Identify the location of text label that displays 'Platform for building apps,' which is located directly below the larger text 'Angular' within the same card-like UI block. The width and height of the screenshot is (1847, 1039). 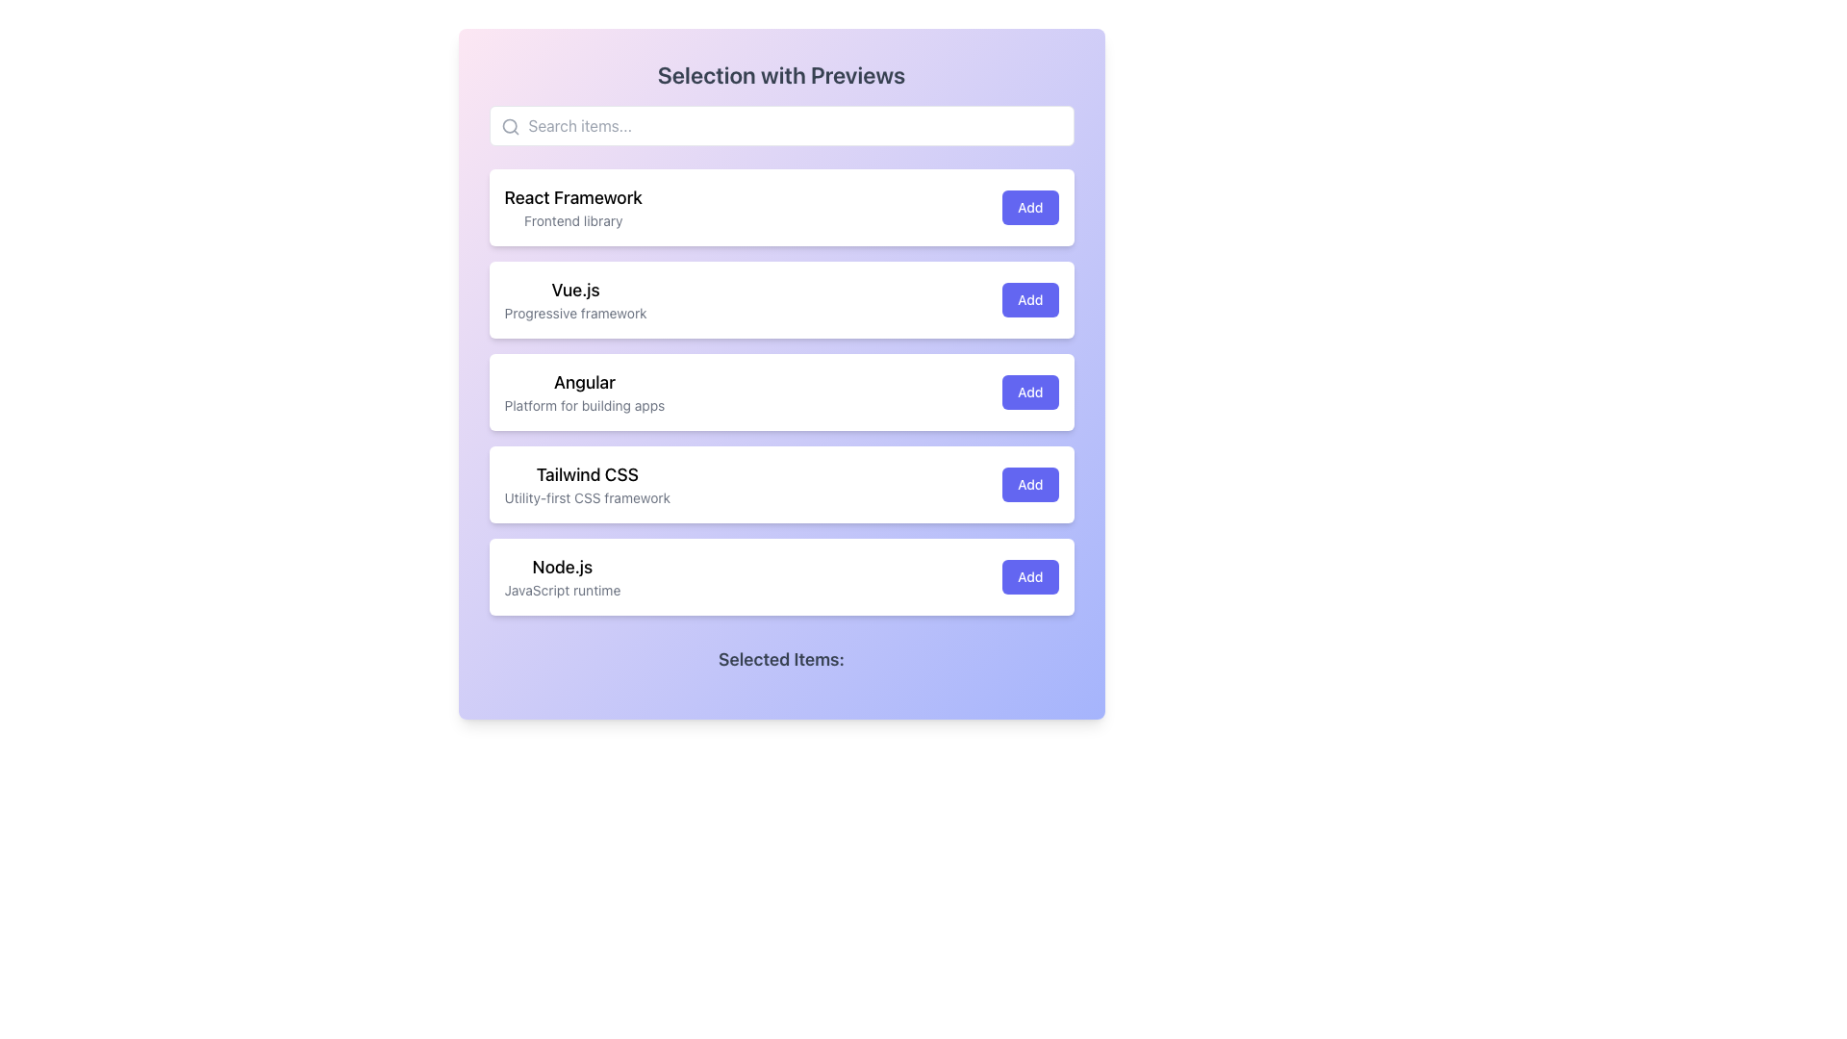
(583, 404).